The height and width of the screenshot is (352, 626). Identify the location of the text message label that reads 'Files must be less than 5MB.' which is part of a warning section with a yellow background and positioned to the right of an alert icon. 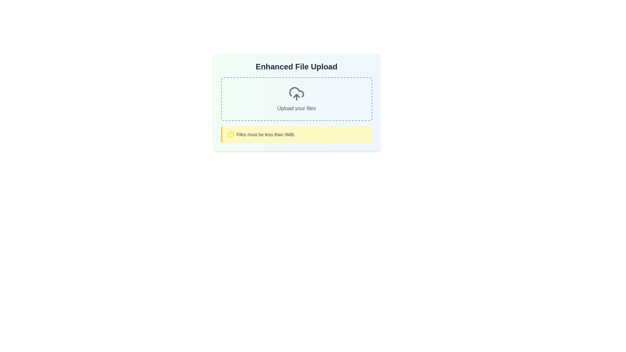
(266, 134).